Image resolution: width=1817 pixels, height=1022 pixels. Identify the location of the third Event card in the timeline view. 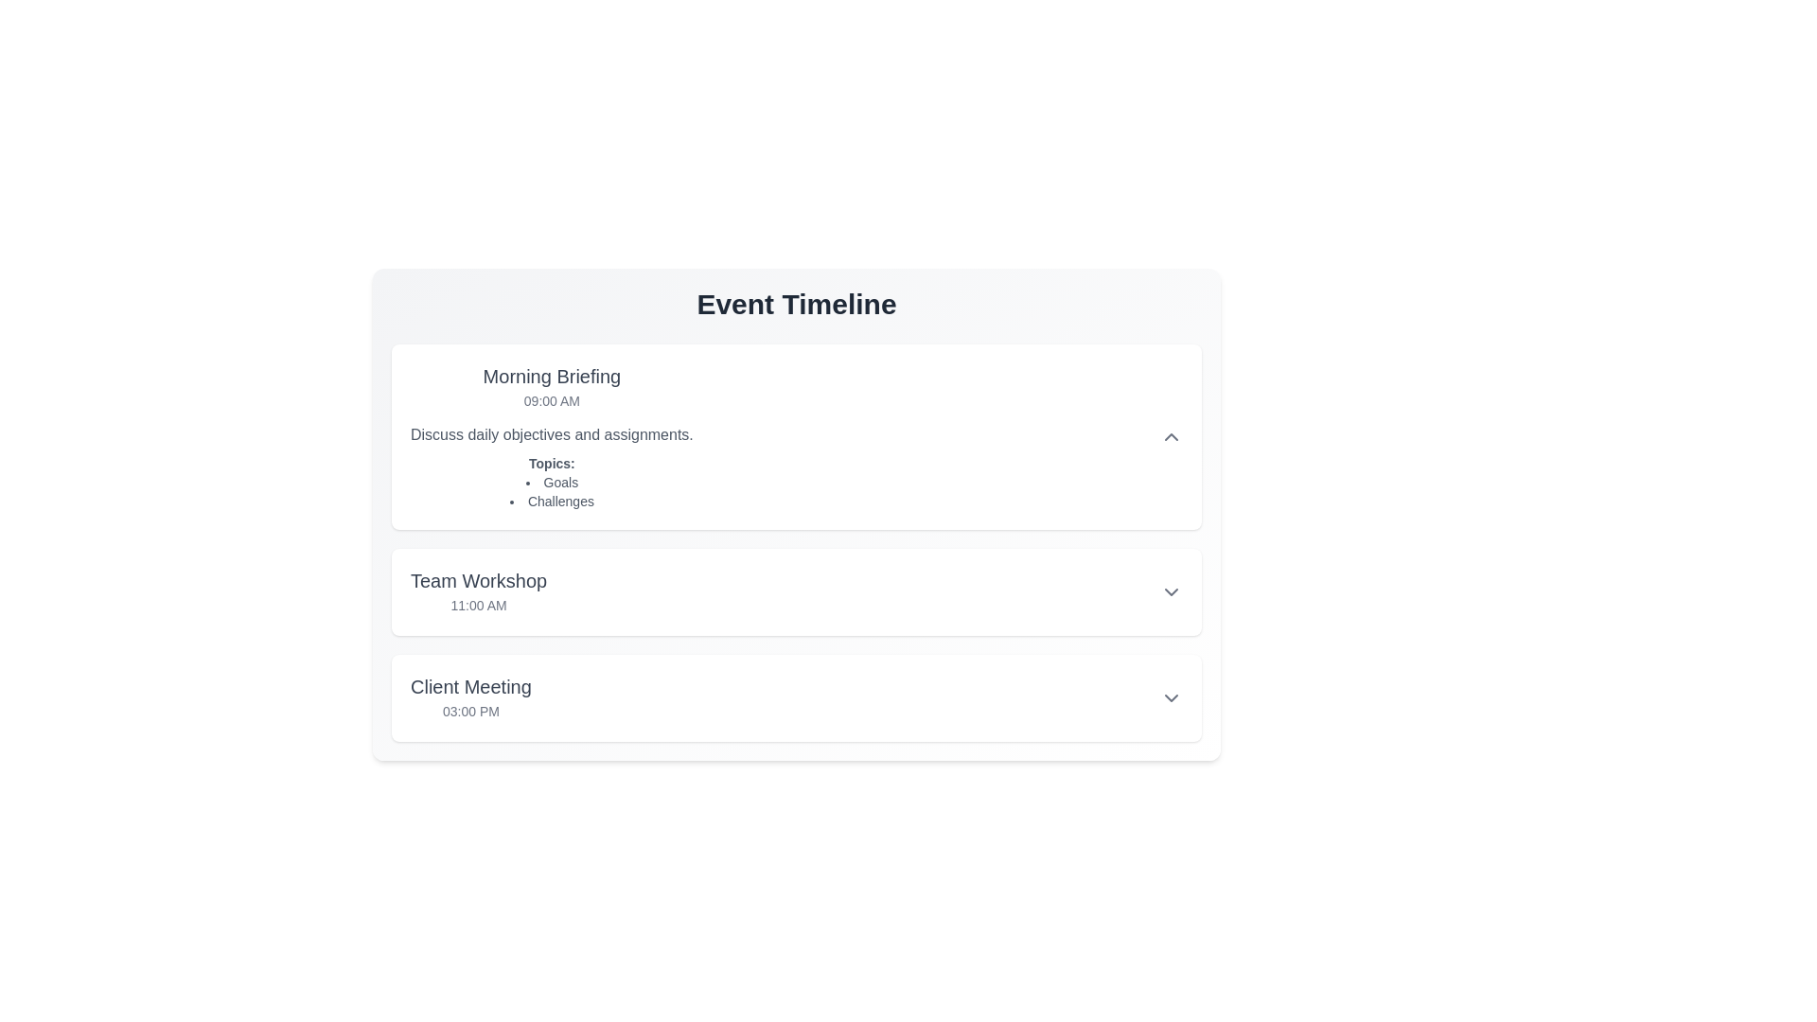
(796, 697).